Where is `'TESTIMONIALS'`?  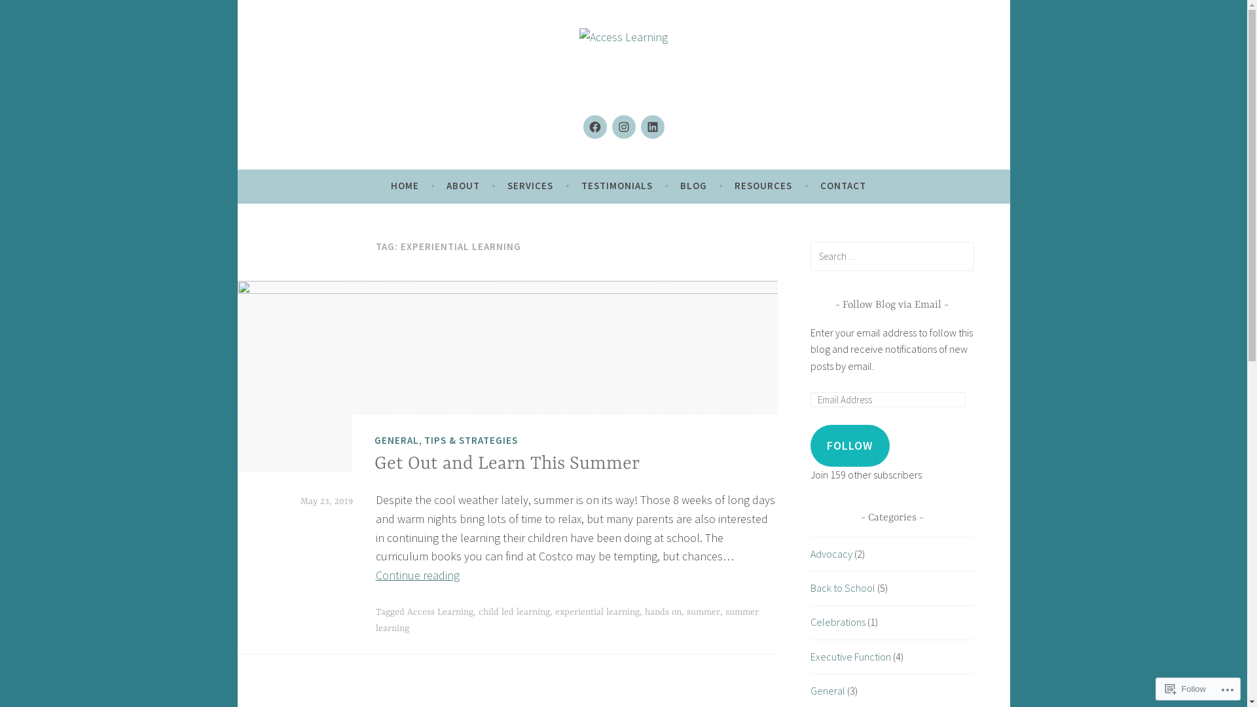
'TESTIMONIALS' is located at coordinates (616, 186).